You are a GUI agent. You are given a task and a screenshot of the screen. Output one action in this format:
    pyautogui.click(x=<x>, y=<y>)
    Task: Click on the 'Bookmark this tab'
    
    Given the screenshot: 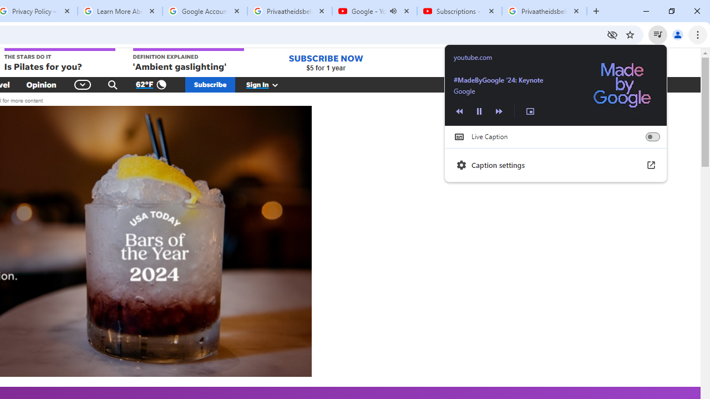 What is the action you would take?
    pyautogui.click(x=630, y=34)
    